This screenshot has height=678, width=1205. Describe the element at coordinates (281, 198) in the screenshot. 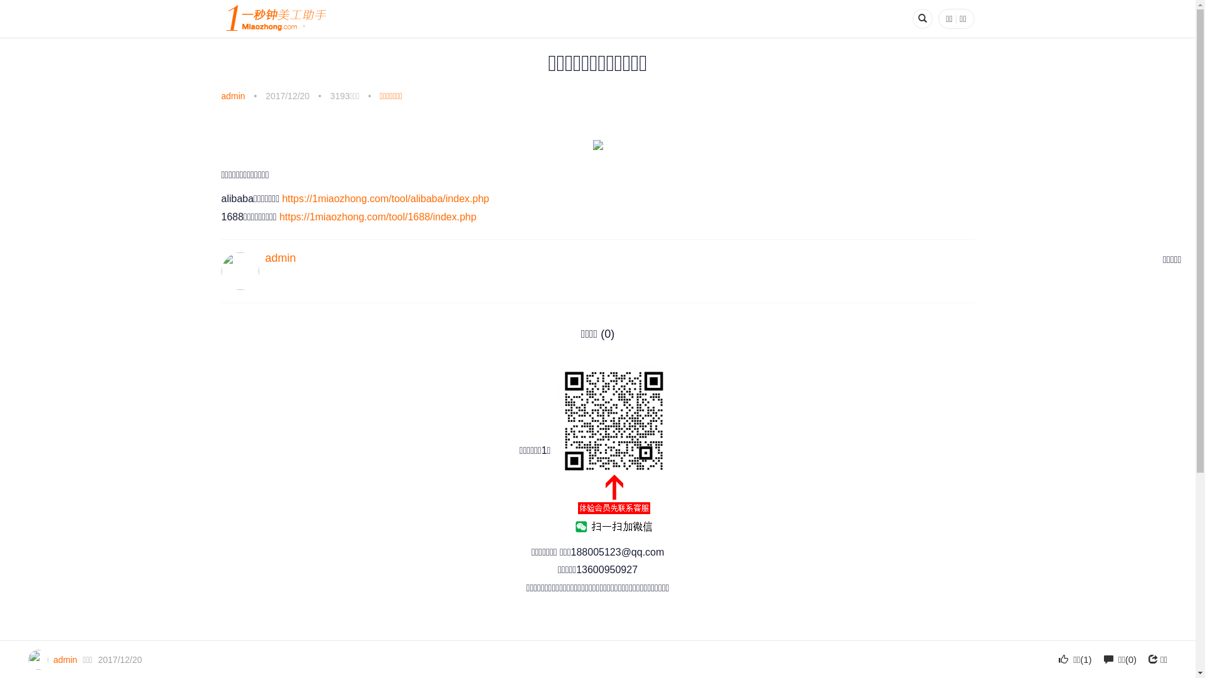

I see `'https://1miaozhong.com/tool/alibaba/index.php'` at that location.